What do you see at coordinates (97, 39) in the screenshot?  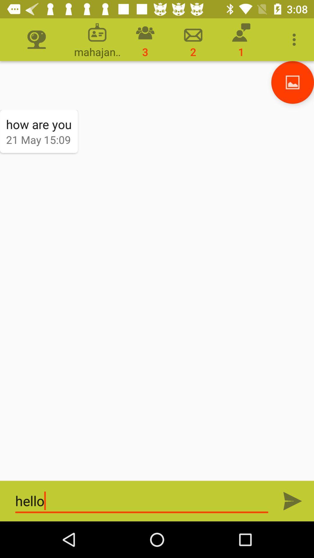 I see `the id icon and the word which is below it` at bounding box center [97, 39].